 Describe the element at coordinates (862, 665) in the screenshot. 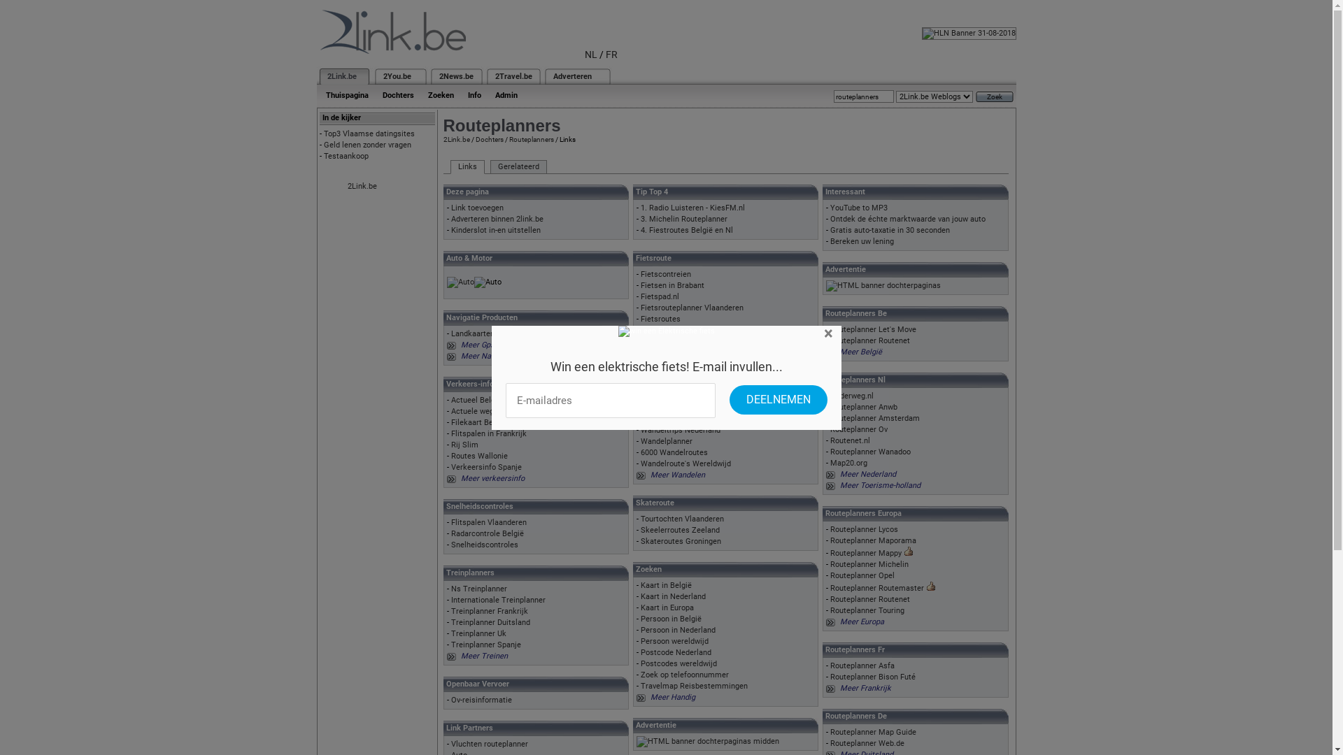

I see `'Routeplanner Asfa'` at that location.